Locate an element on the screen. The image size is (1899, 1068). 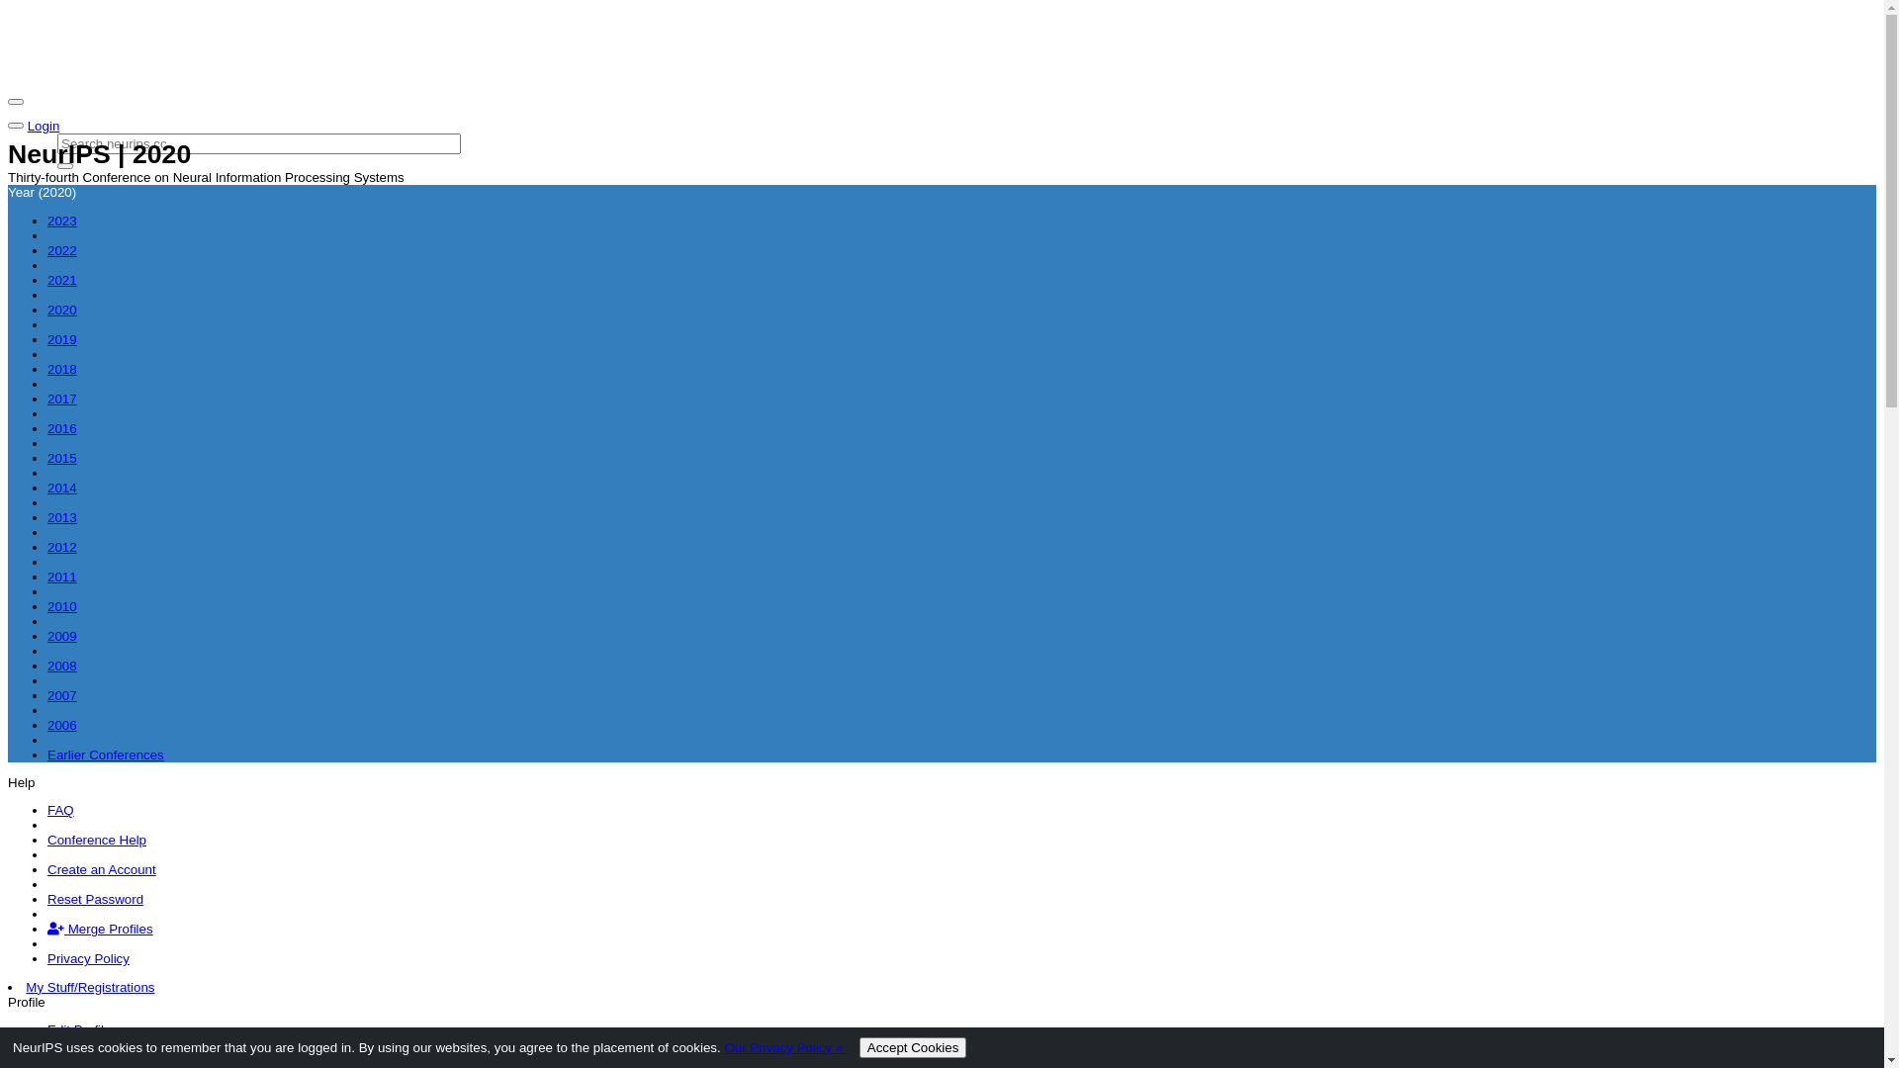
'My Stuff/Registrations' is located at coordinates (89, 987).